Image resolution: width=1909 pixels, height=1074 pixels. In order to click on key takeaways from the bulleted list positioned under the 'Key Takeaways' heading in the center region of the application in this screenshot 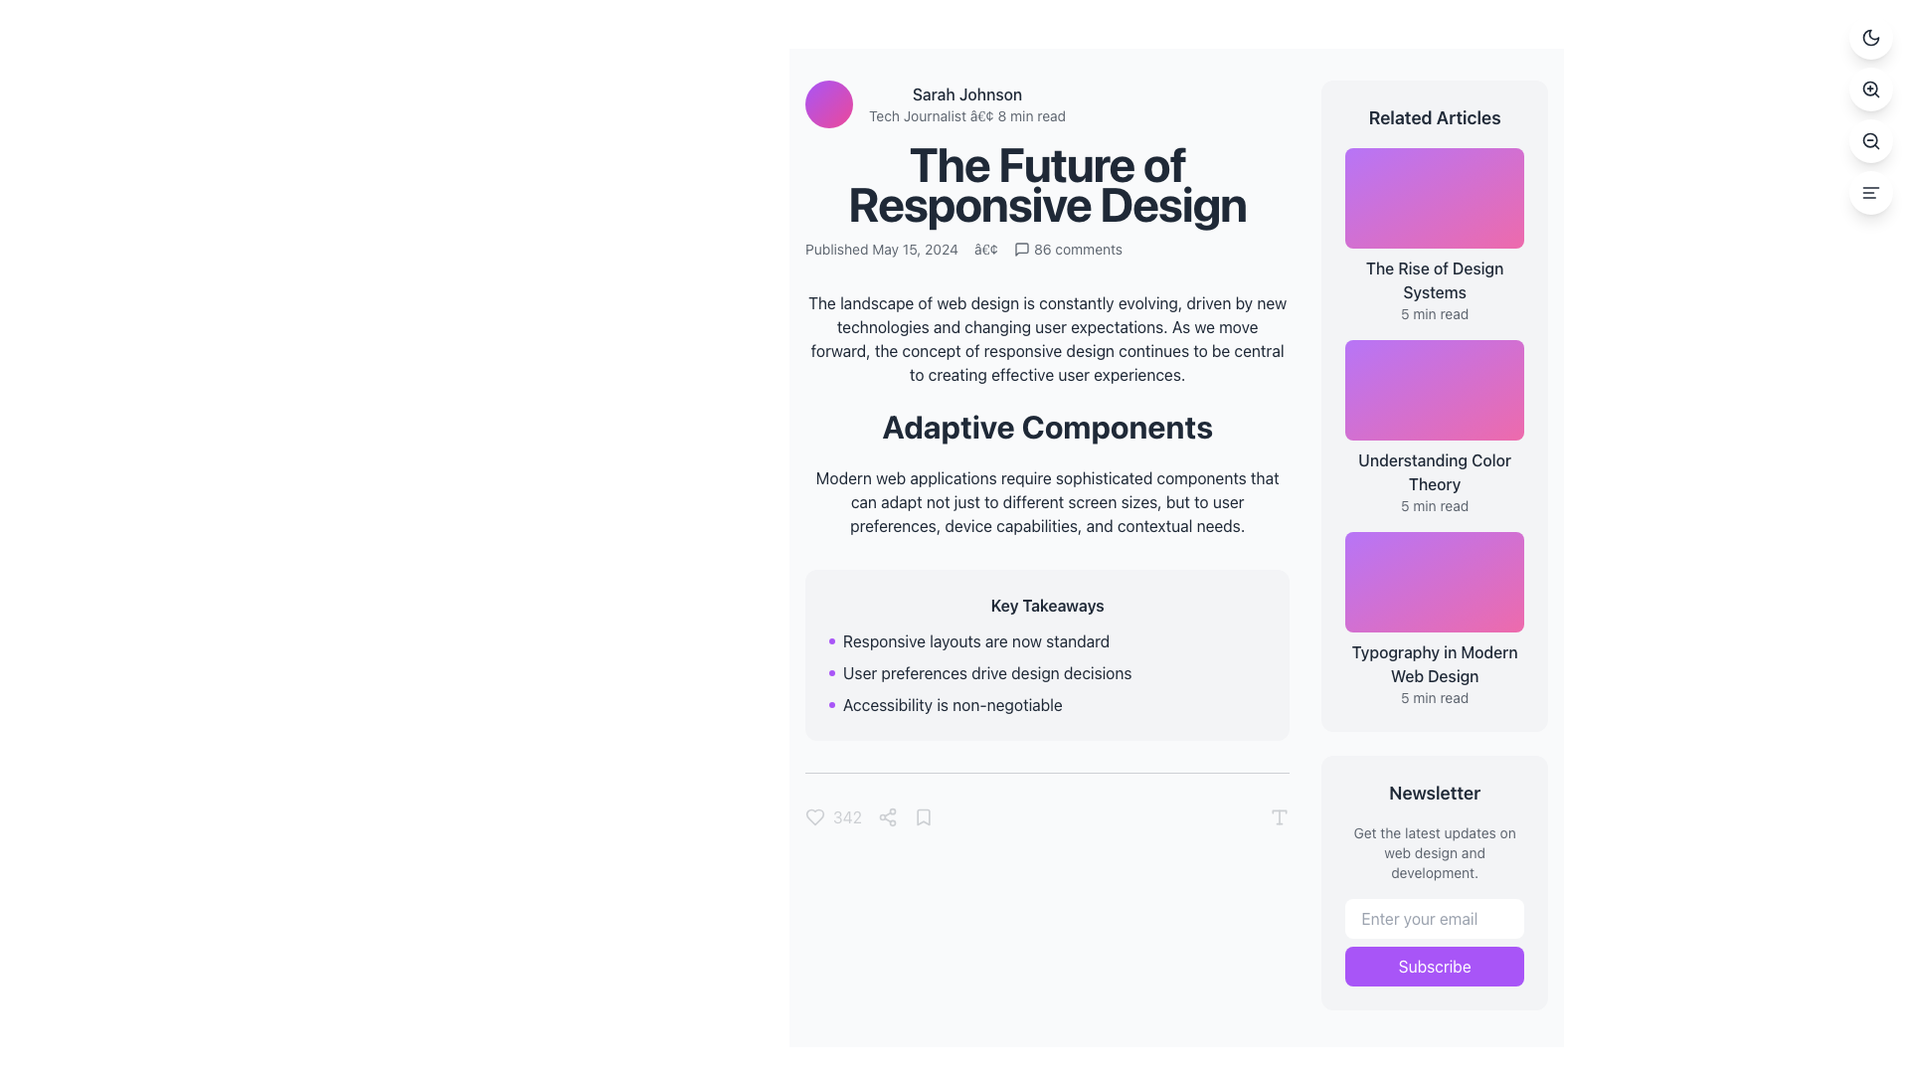, I will do `click(1046, 672)`.